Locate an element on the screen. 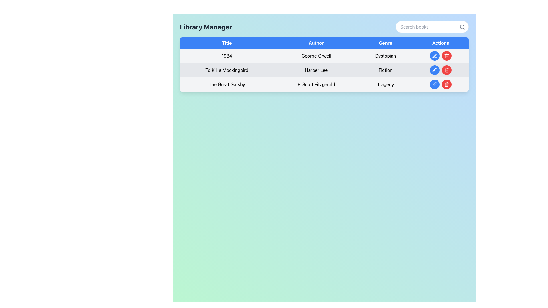 Image resolution: width=548 pixels, height=308 pixels. the text display element representing the author's name in the third row under the 'Author' column, positioned between 'The Great Gatsby' and the 'Genre' column is located at coordinates (316, 84).